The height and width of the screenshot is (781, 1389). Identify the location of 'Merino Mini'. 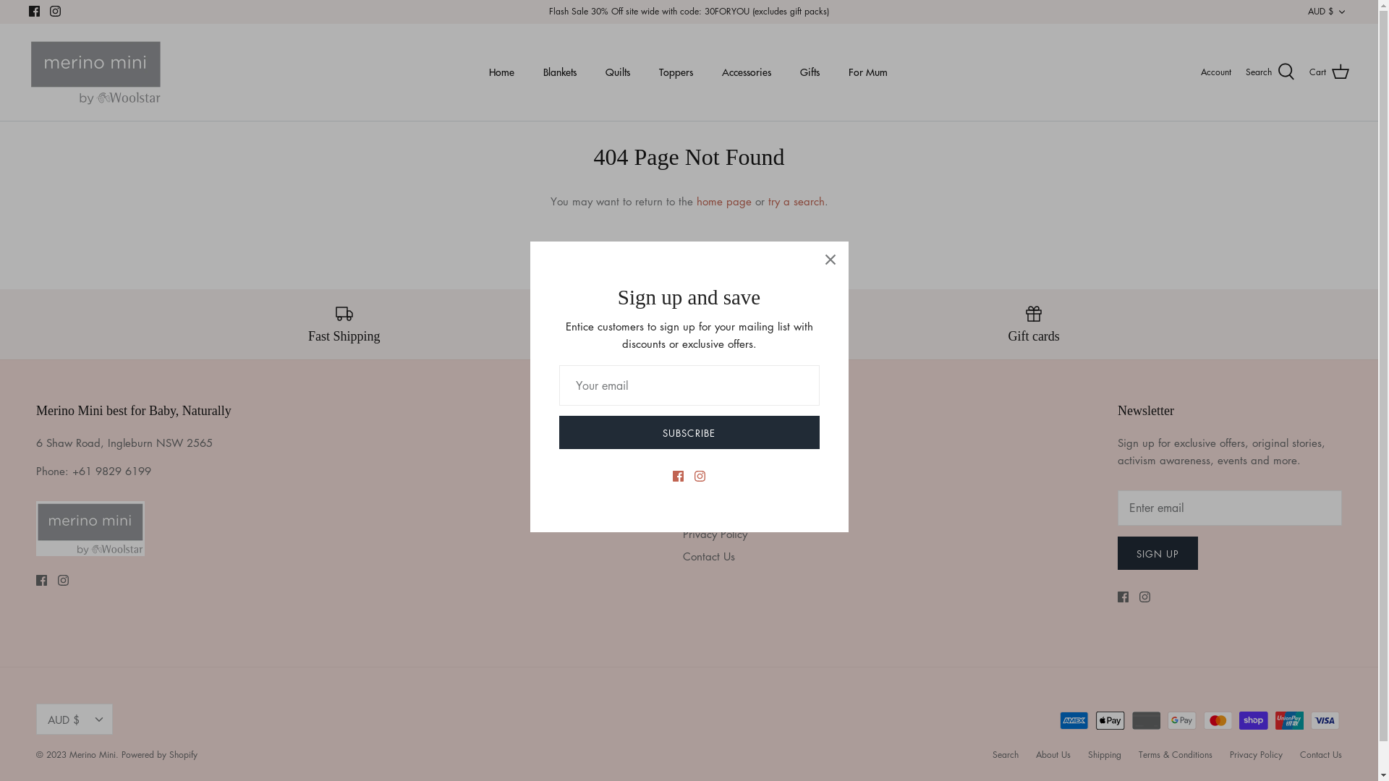
(95, 72).